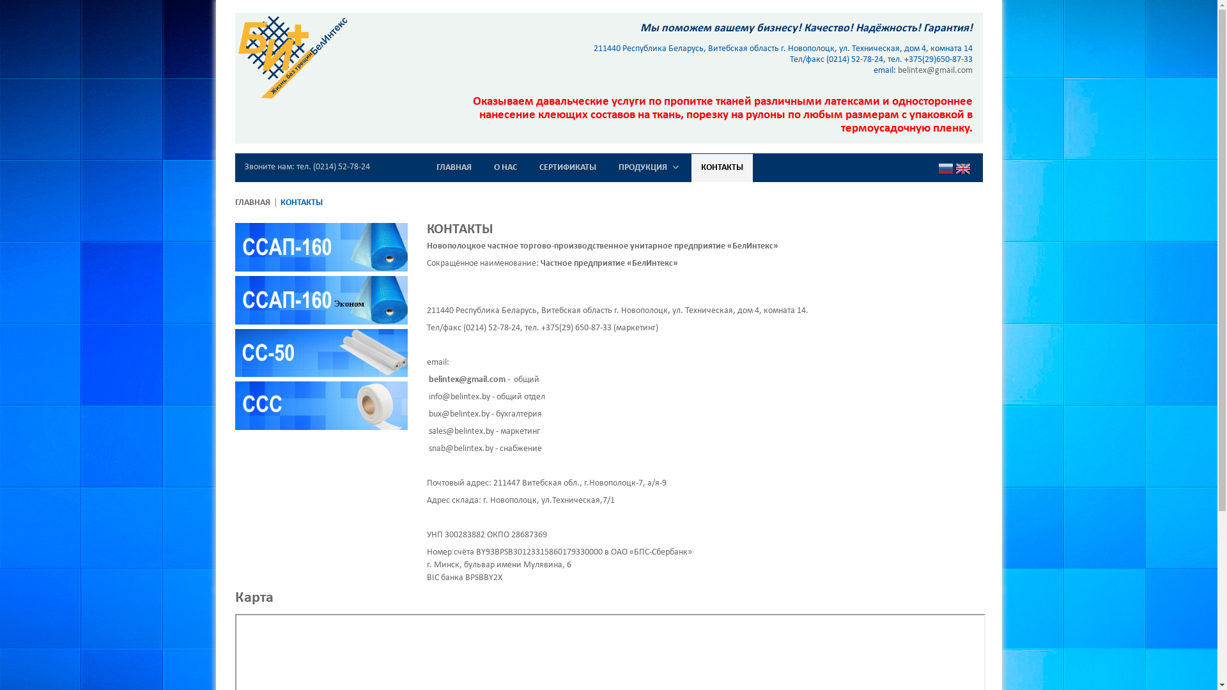 Image resolution: width=1227 pixels, height=690 pixels. What do you see at coordinates (465, 379) in the screenshot?
I see `'belintex@gmail.com'` at bounding box center [465, 379].